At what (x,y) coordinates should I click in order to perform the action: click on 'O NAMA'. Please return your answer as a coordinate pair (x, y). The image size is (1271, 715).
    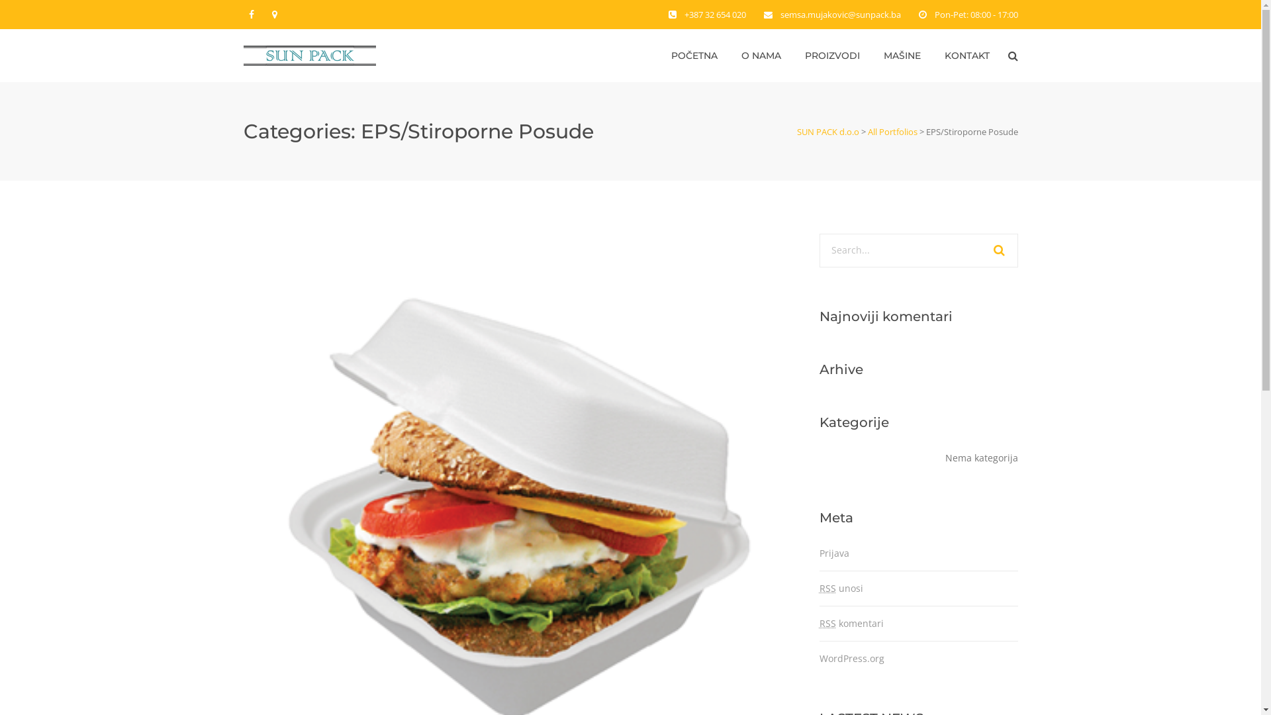
    Looking at the image, I should click on (761, 55).